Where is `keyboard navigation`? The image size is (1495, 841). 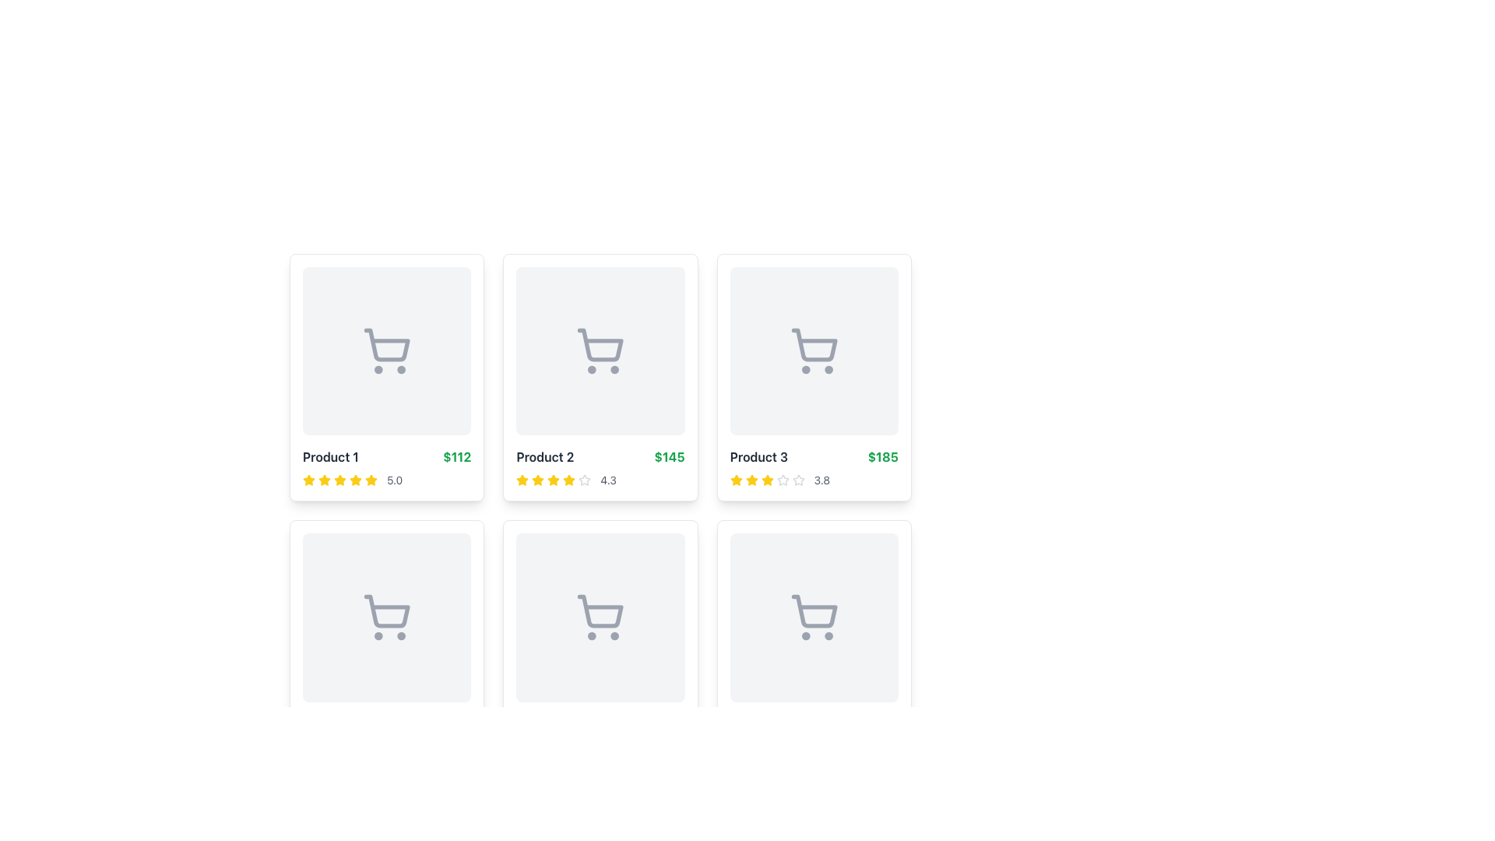 keyboard navigation is located at coordinates (309, 480).